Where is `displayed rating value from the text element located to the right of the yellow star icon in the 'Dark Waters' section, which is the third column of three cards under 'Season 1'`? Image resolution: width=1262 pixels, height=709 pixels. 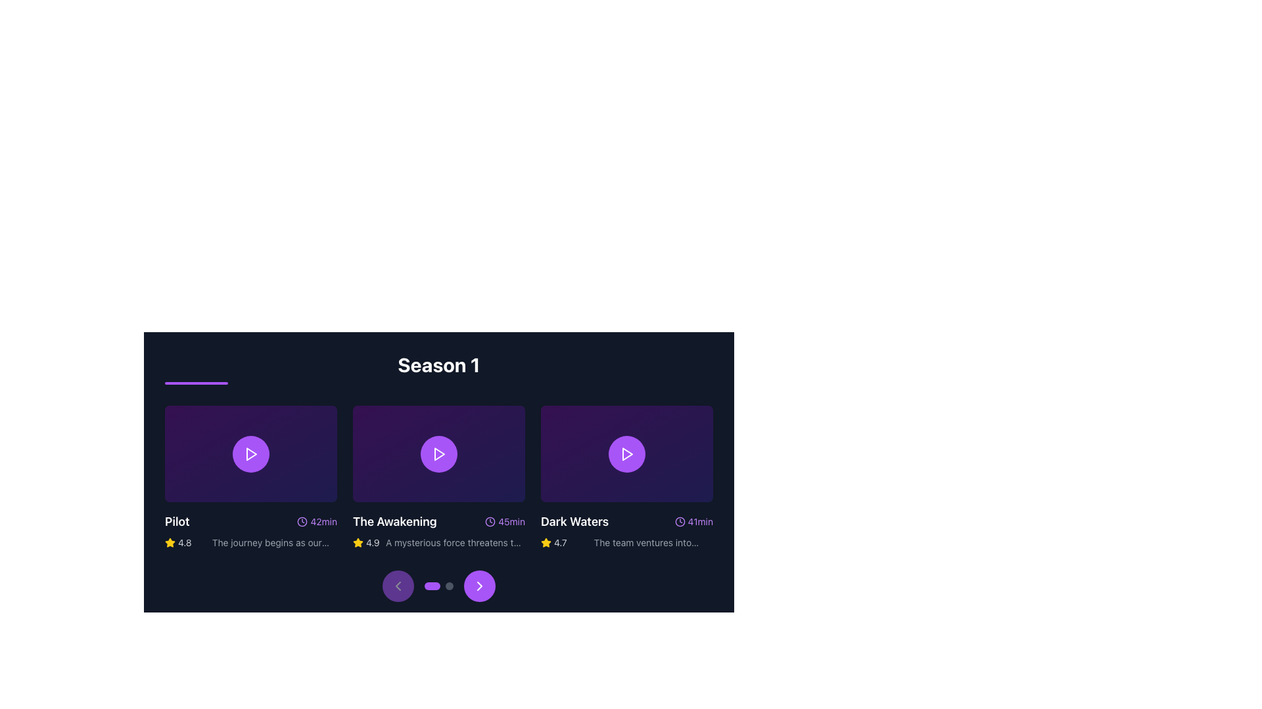 displayed rating value from the text element located to the right of the yellow star icon in the 'Dark Waters' section, which is the third column of three cards under 'Season 1' is located at coordinates (560, 543).